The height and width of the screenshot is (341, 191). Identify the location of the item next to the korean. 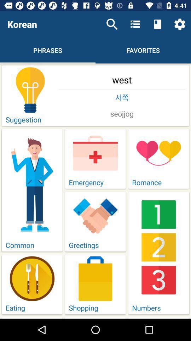
(112, 24).